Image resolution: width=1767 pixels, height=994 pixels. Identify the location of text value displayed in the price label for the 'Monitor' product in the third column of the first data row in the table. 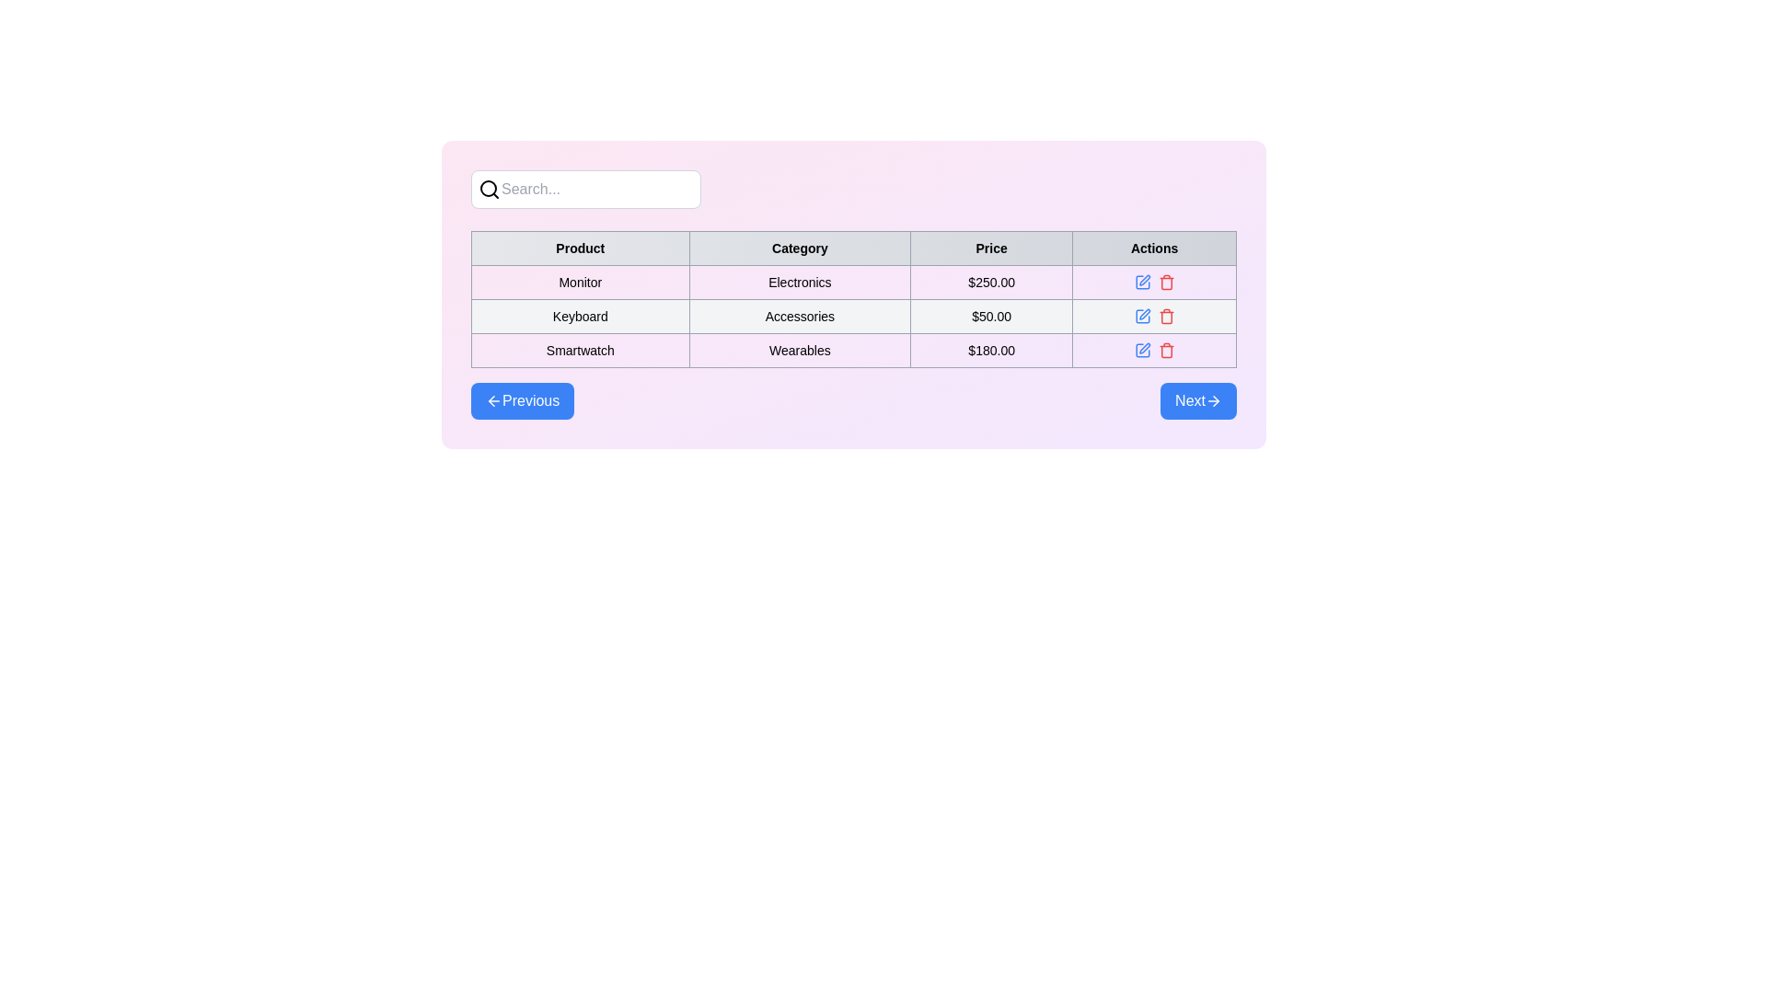
(990, 283).